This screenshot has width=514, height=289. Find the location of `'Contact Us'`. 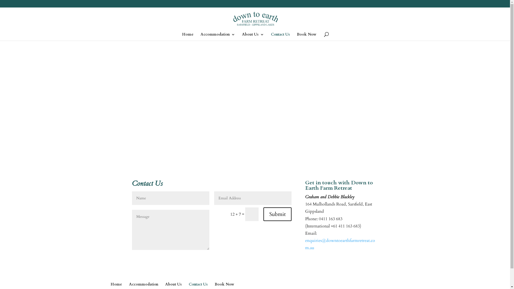

'Contact Us' is located at coordinates (198, 284).